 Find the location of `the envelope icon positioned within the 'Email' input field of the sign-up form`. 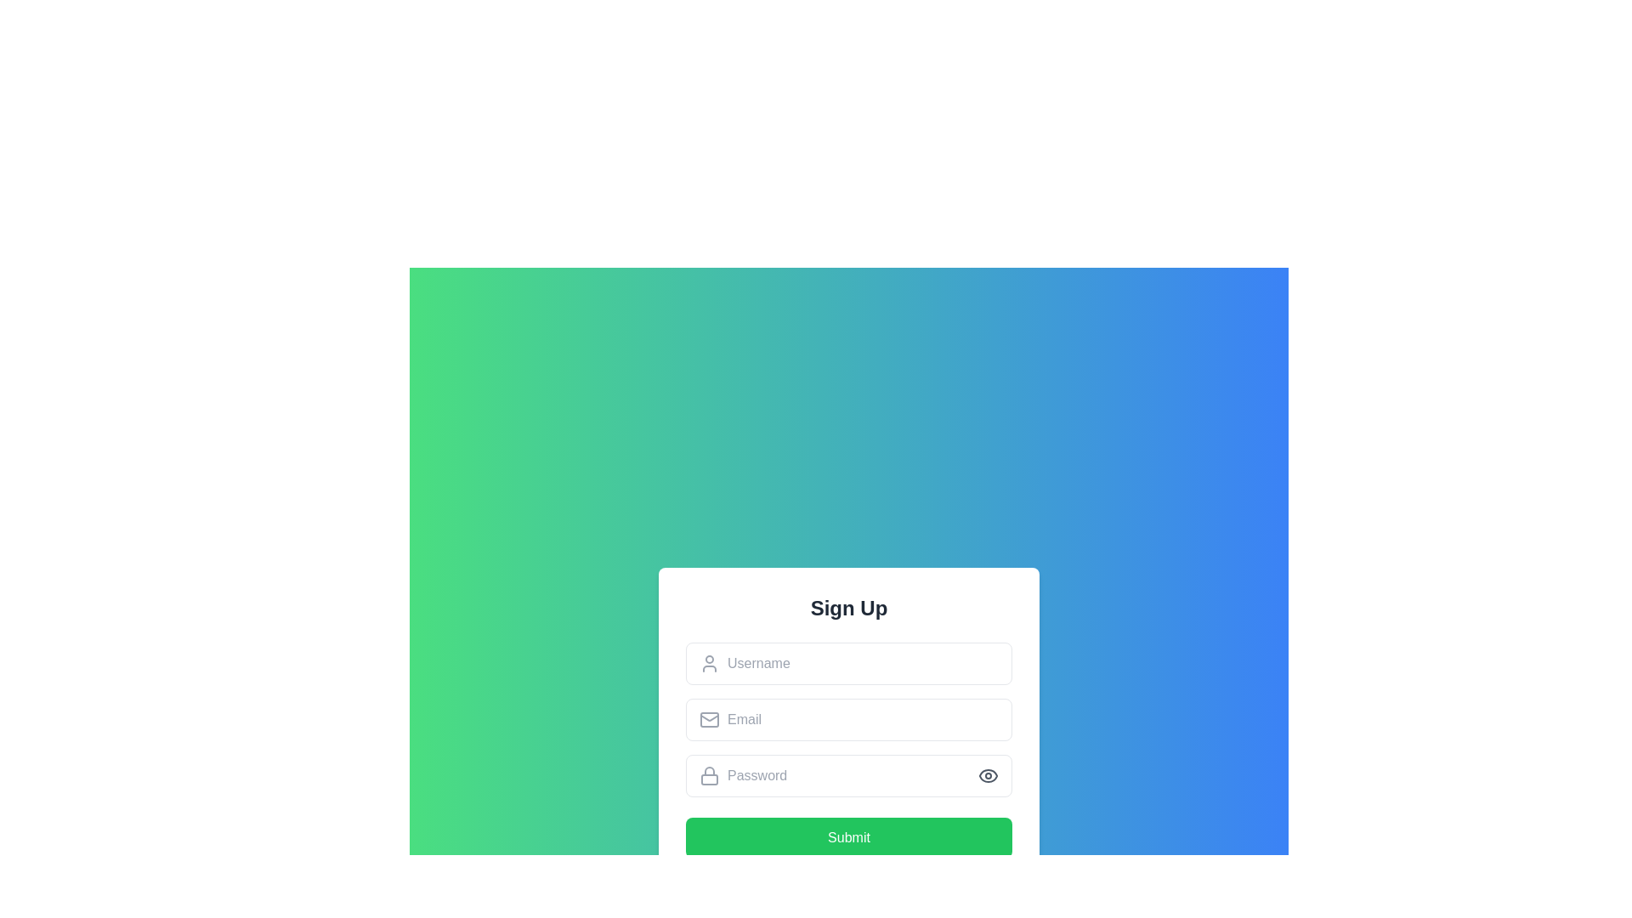

the envelope icon positioned within the 'Email' input field of the sign-up form is located at coordinates (710, 717).